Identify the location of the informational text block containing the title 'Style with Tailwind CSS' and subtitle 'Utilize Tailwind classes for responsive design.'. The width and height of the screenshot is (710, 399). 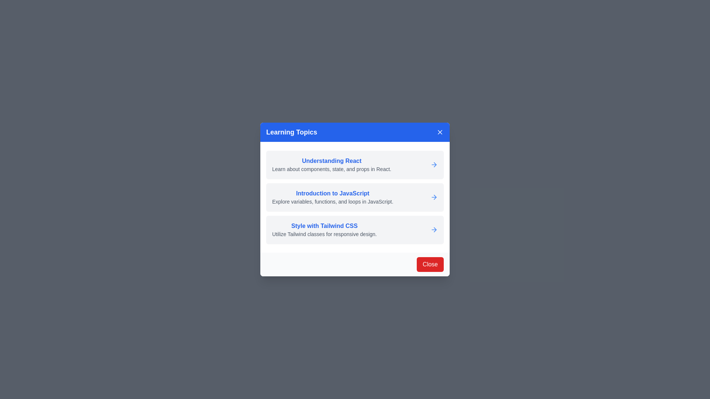
(324, 229).